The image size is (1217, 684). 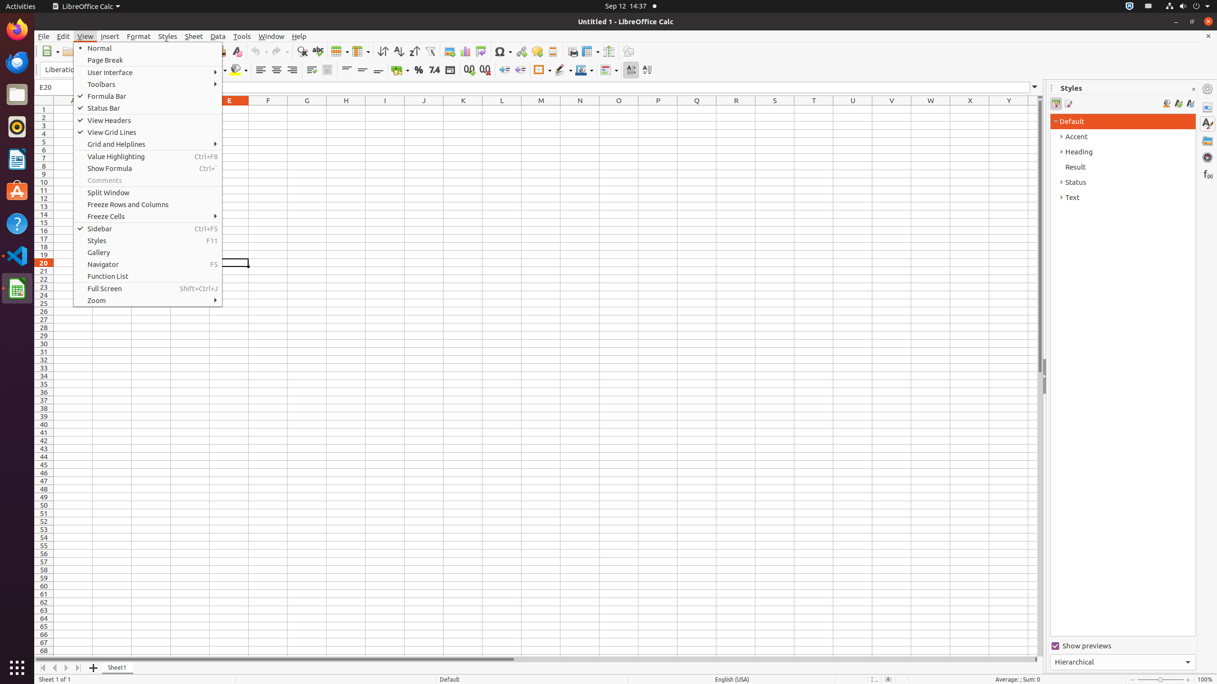 I want to click on 'Sort', so click(x=382, y=51).